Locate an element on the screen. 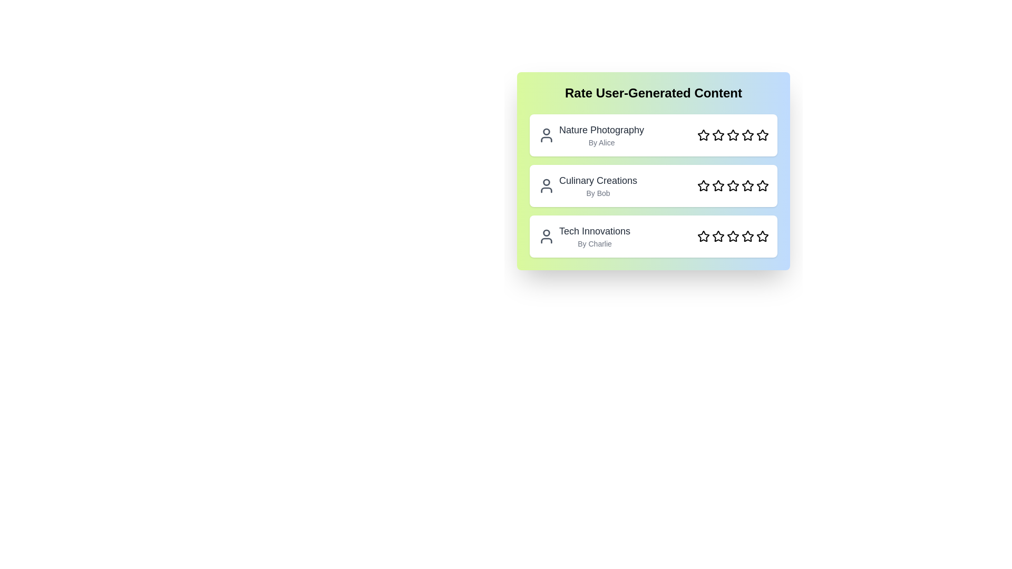 Image resolution: width=1012 pixels, height=569 pixels. the star corresponding to the rating 4 for the content Tech Innovations is located at coordinates (747, 236).